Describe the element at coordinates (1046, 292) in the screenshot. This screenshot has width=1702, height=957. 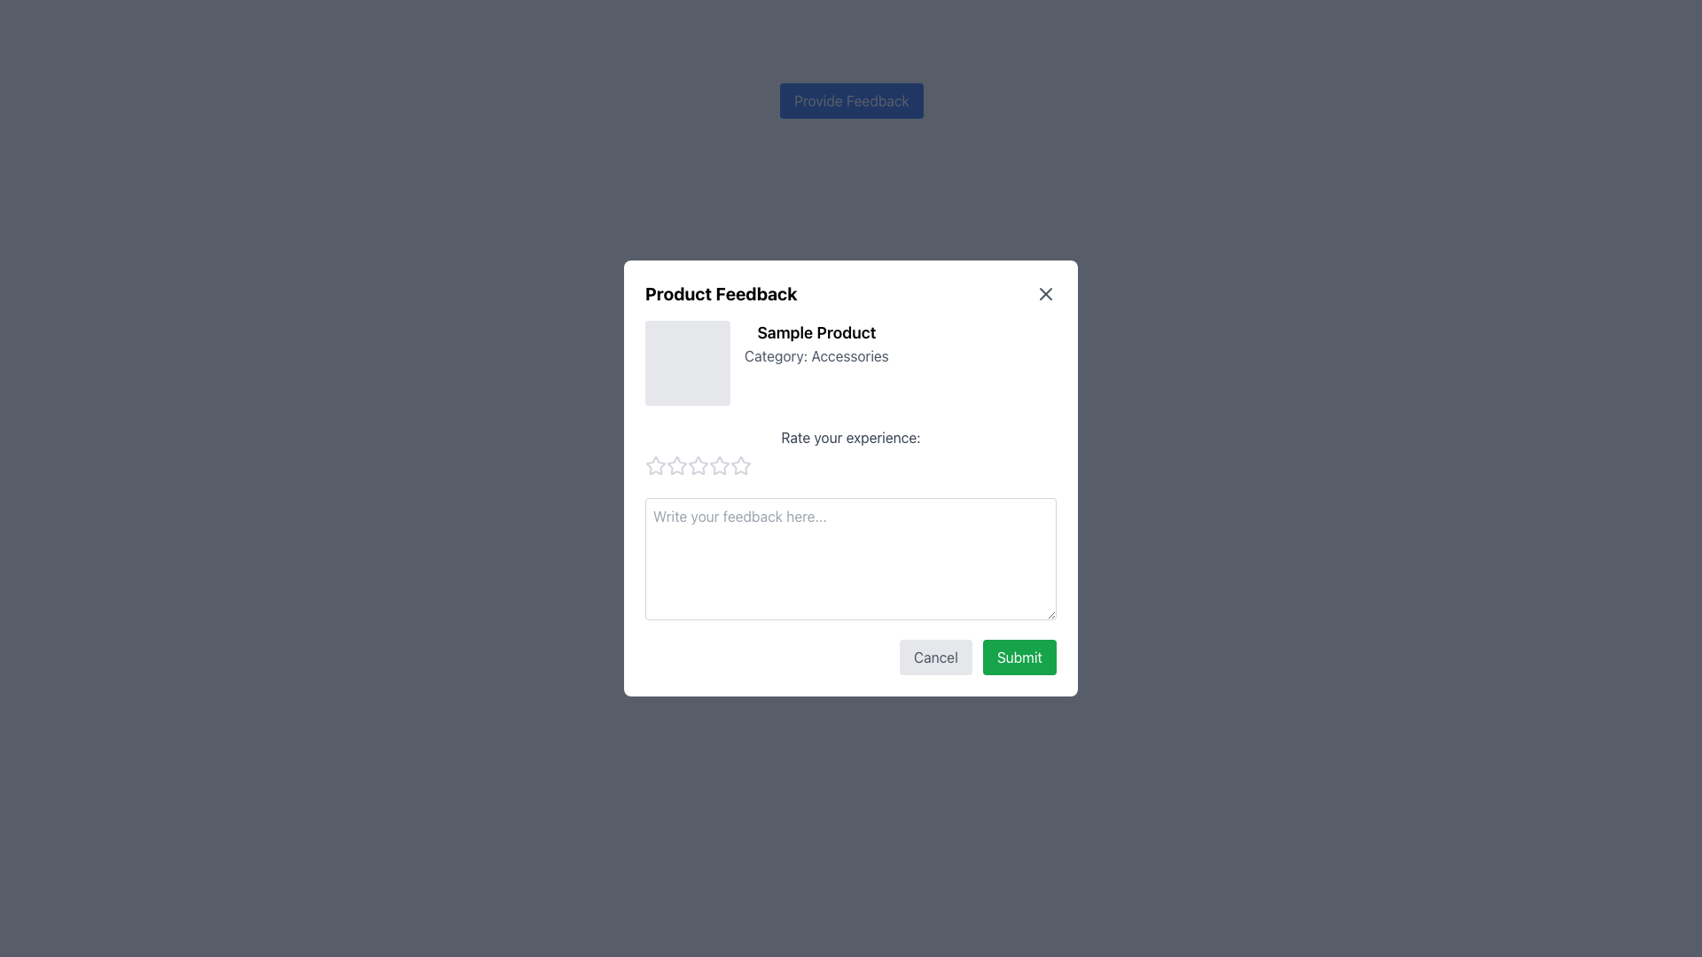
I see `the close button located in the top-right corner of the dialog box` at that location.